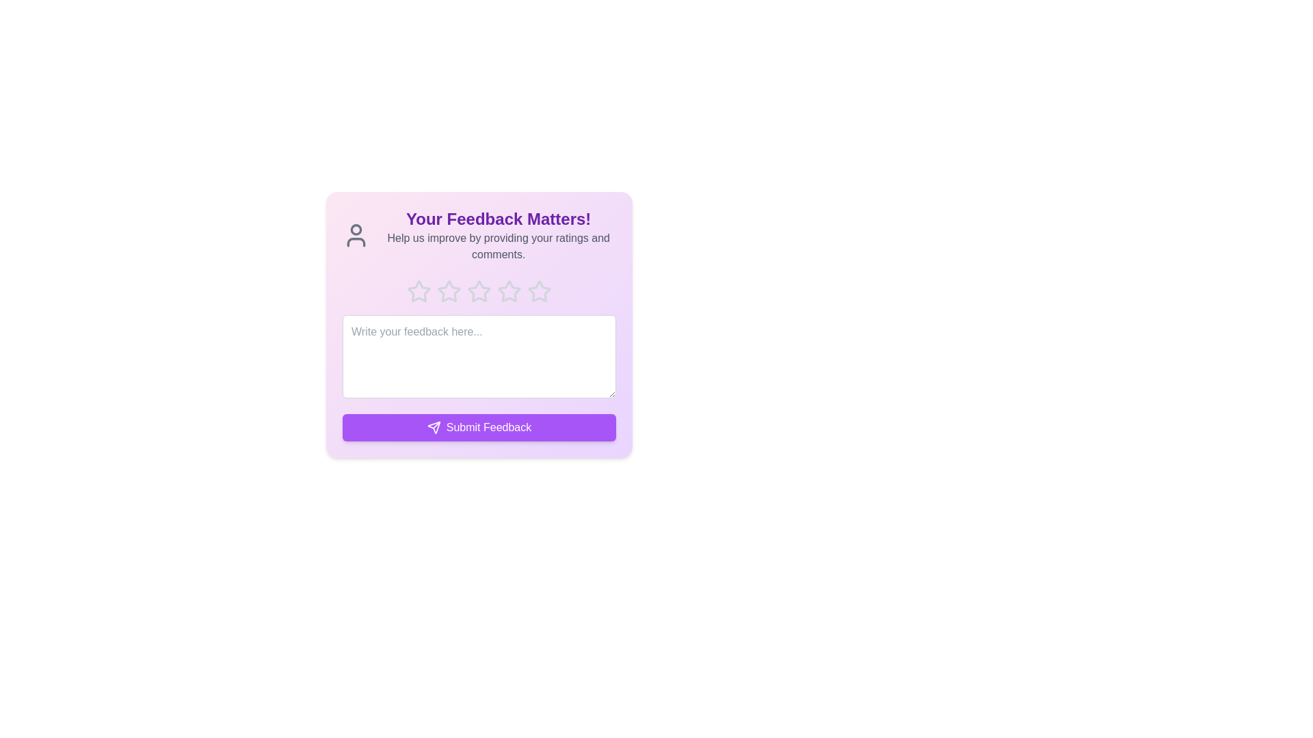 This screenshot has height=738, width=1313. What do you see at coordinates (508, 291) in the screenshot?
I see `the star corresponding to the desired rating 4` at bounding box center [508, 291].